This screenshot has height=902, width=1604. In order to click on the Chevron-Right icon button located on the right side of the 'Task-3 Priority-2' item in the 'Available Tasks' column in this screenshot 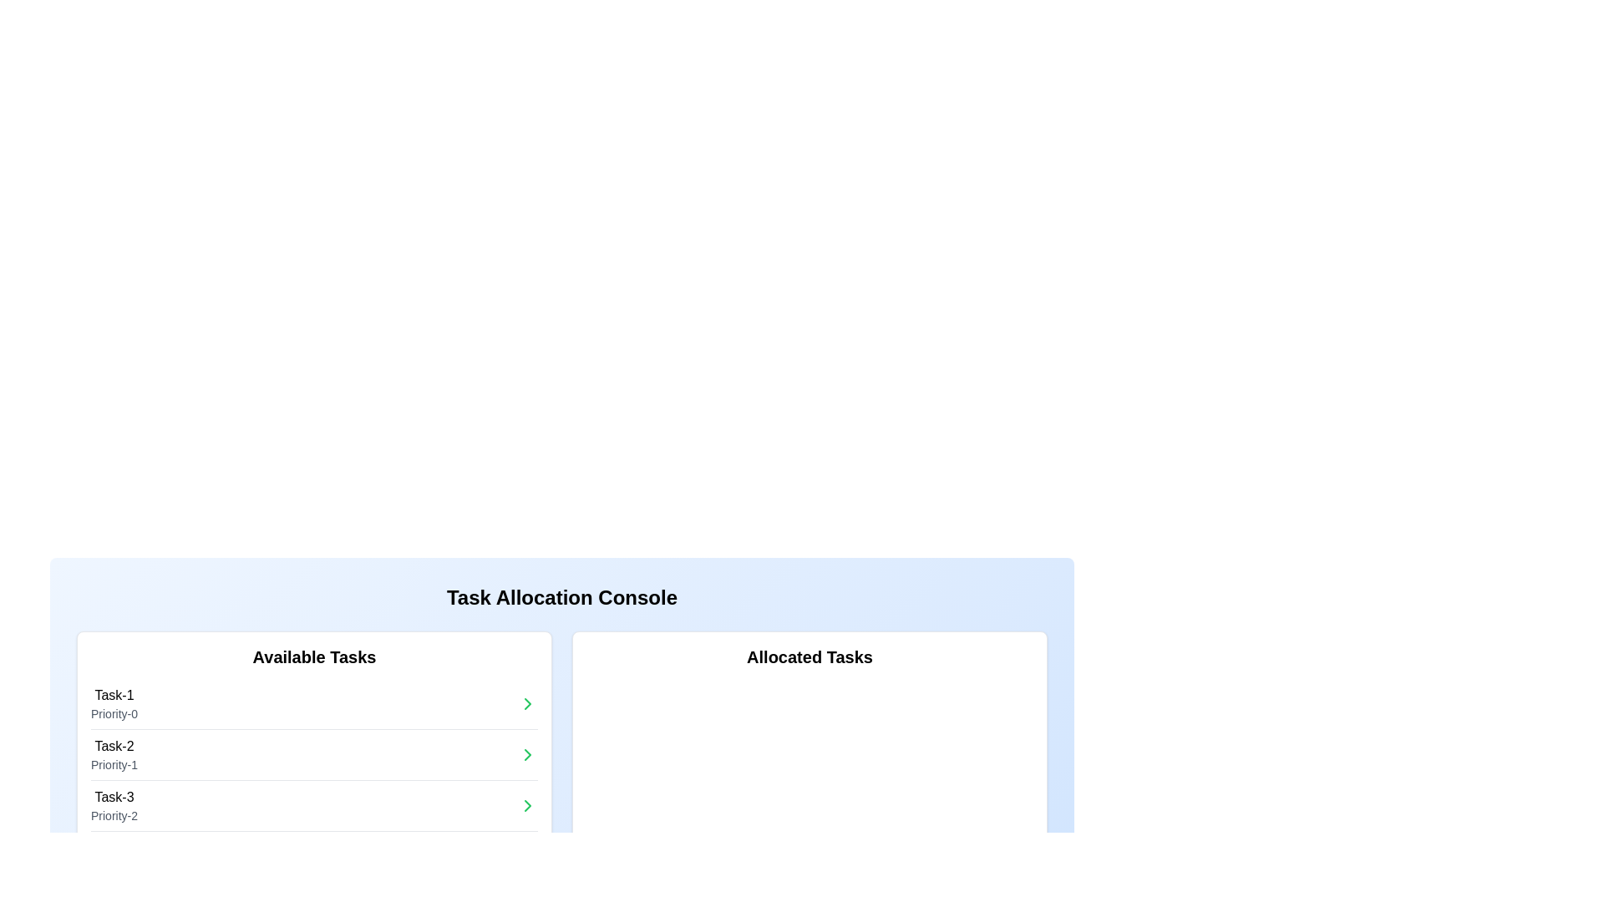, I will do `click(527, 804)`.